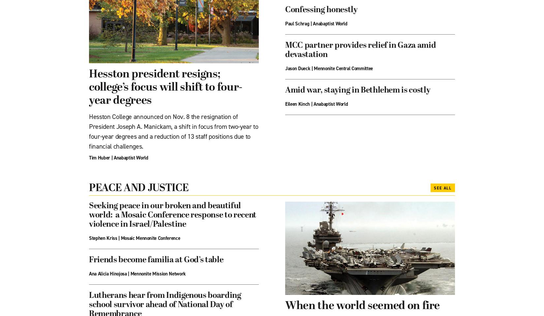 The image size is (544, 316). I want to click on 'When the world seemed on fire', so click(362, 306).